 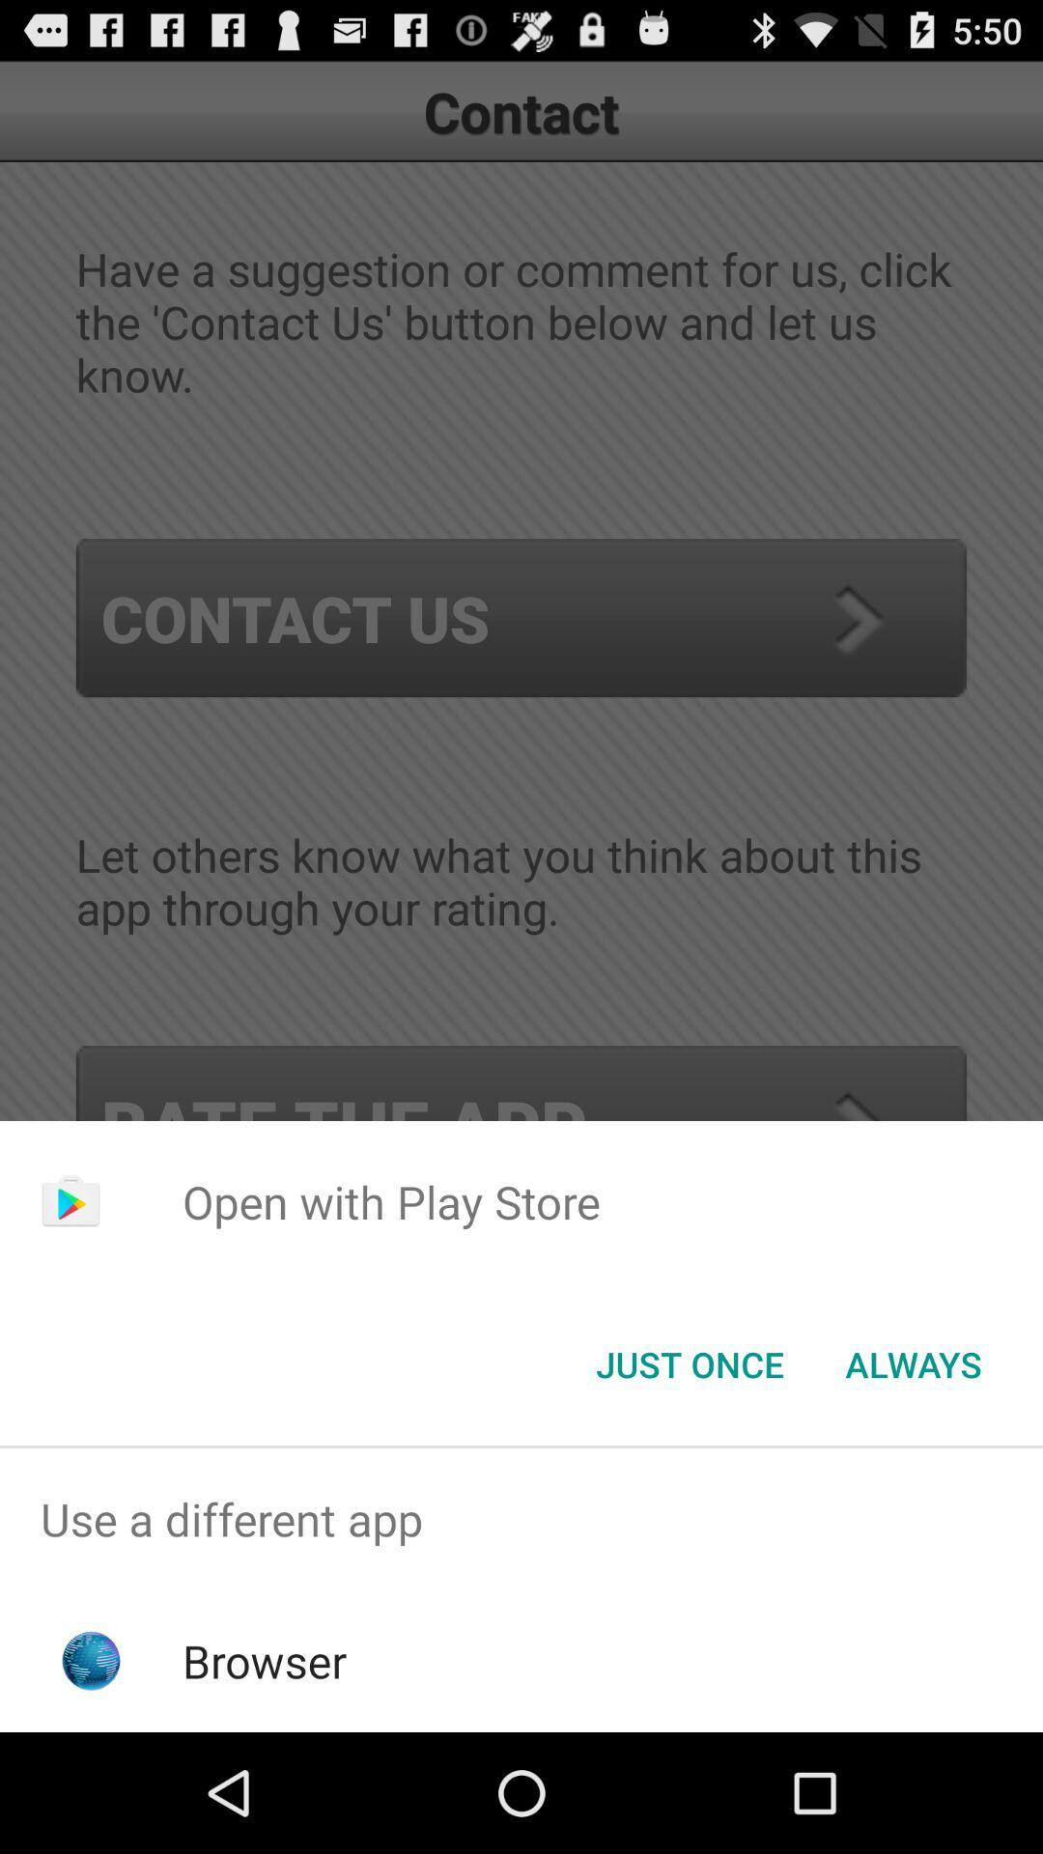 What do you see at coordinates (913, 1362) in the screenshot?
I see `the icon to the right of the just once icon` at bounding box center [913, 1362].